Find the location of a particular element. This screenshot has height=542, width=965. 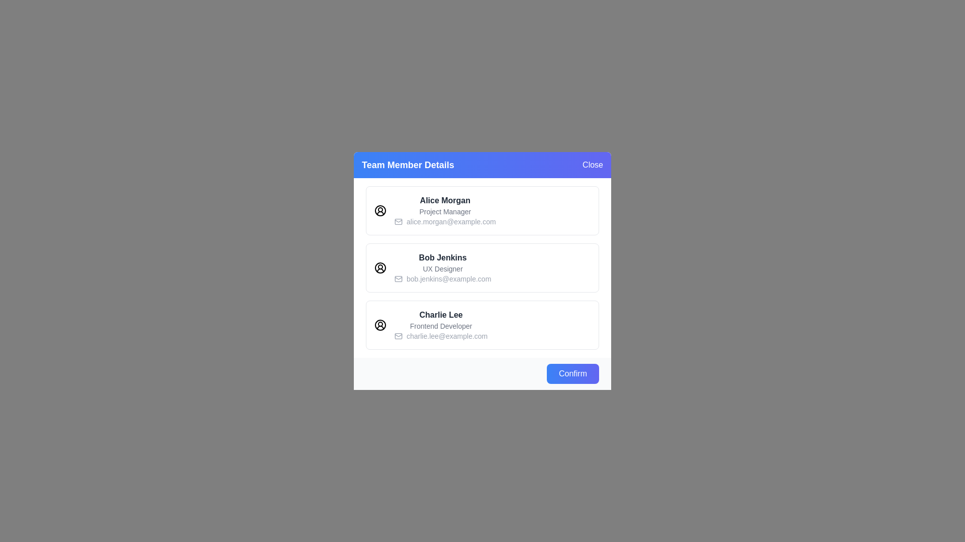

the text display for 'Bob Jenkins', which includes his name, title 'UX Designer', and email address is located at coordinates (442, 267).